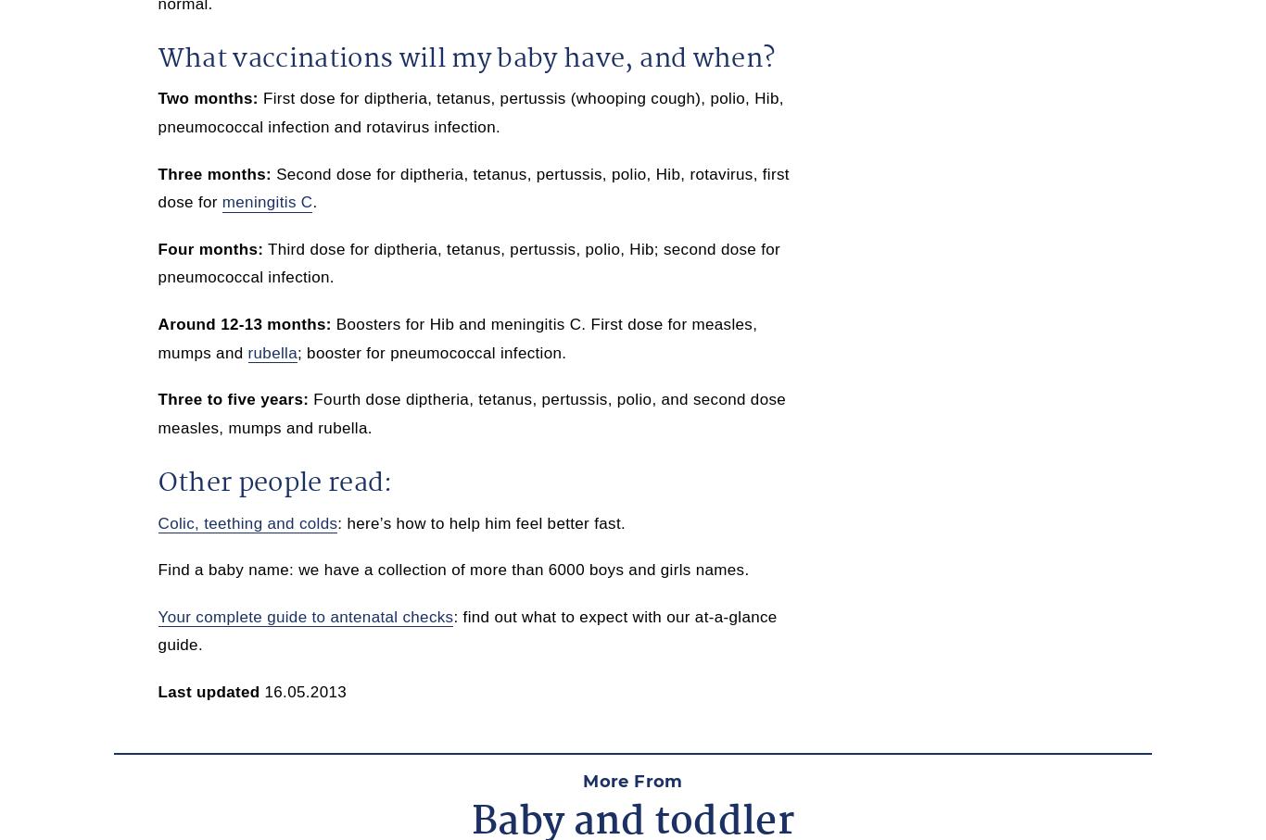  Describe the element at coordinates (207, 97) in the screenshot. I see `'Two months:'` at that location.